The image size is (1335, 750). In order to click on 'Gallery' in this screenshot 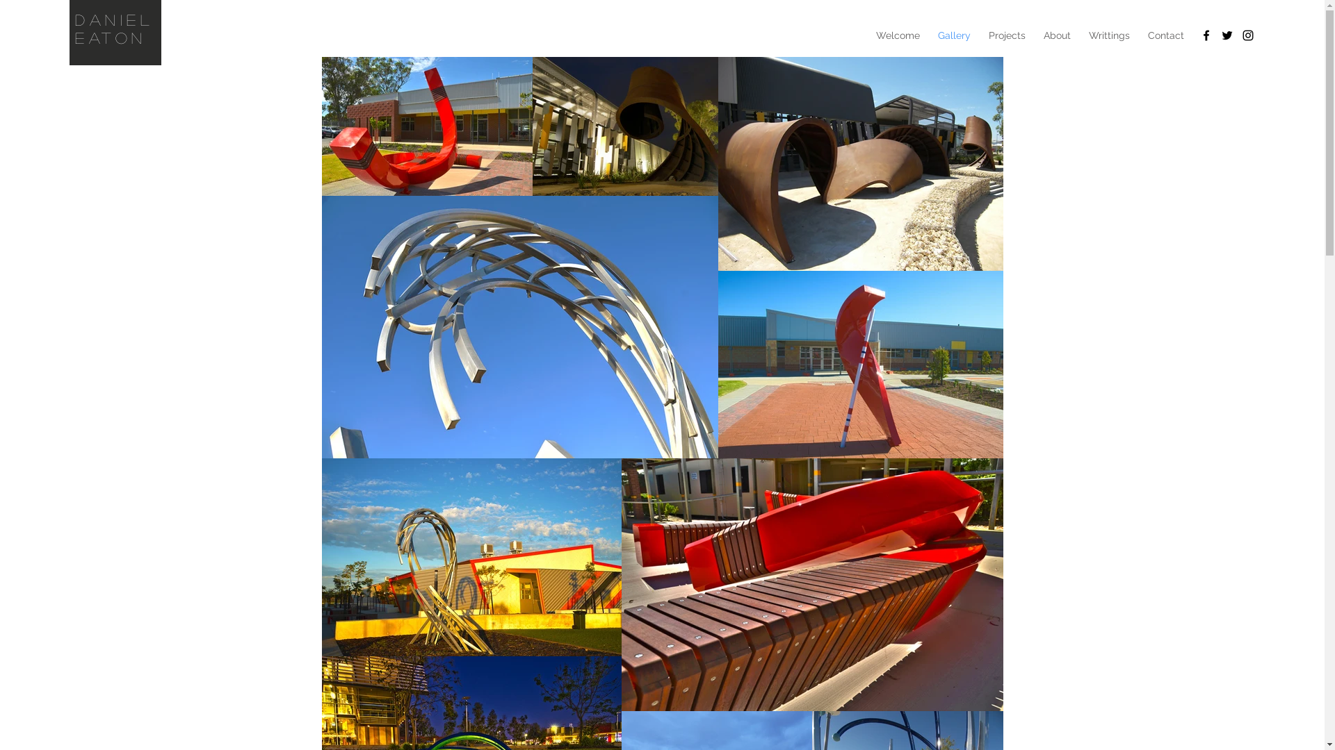, I will do `click(953, 34)`.